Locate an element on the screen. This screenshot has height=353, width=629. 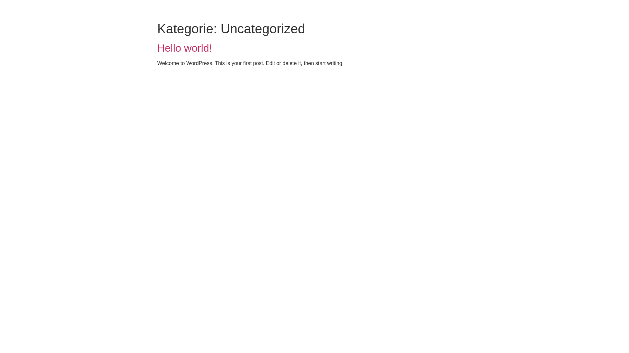
'Hello world!' is located at coordinates (184, 47).